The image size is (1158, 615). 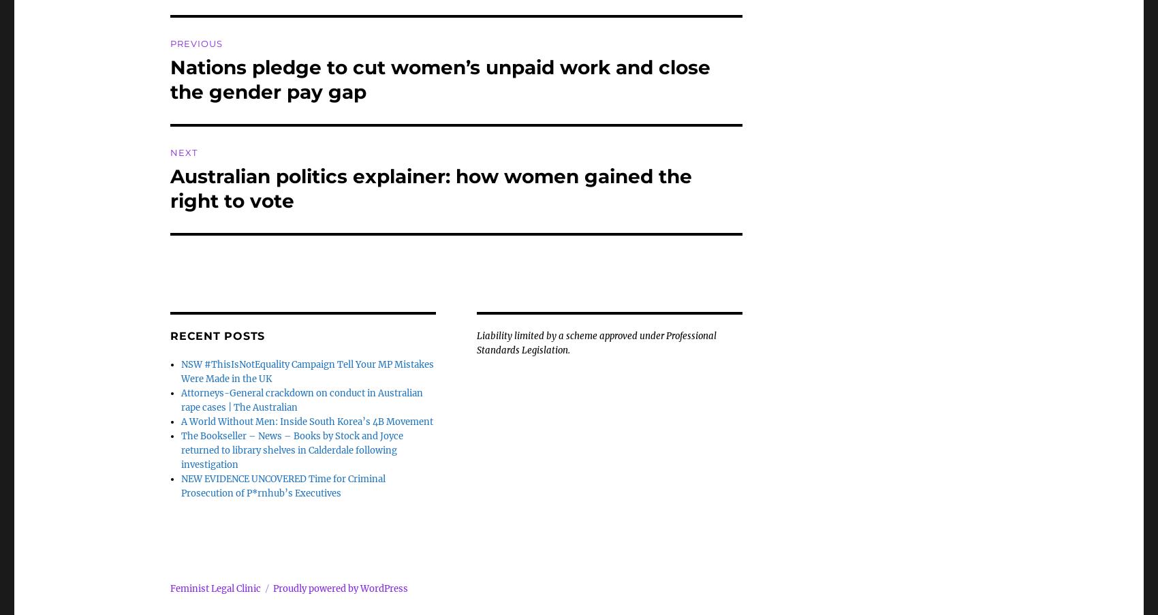 What do you see at coordinates (597, 343) in the screenshot?
I see `'Liability limited by a scheme approved under Professional Standards Legislation.'` at bounding box center [597, 343].